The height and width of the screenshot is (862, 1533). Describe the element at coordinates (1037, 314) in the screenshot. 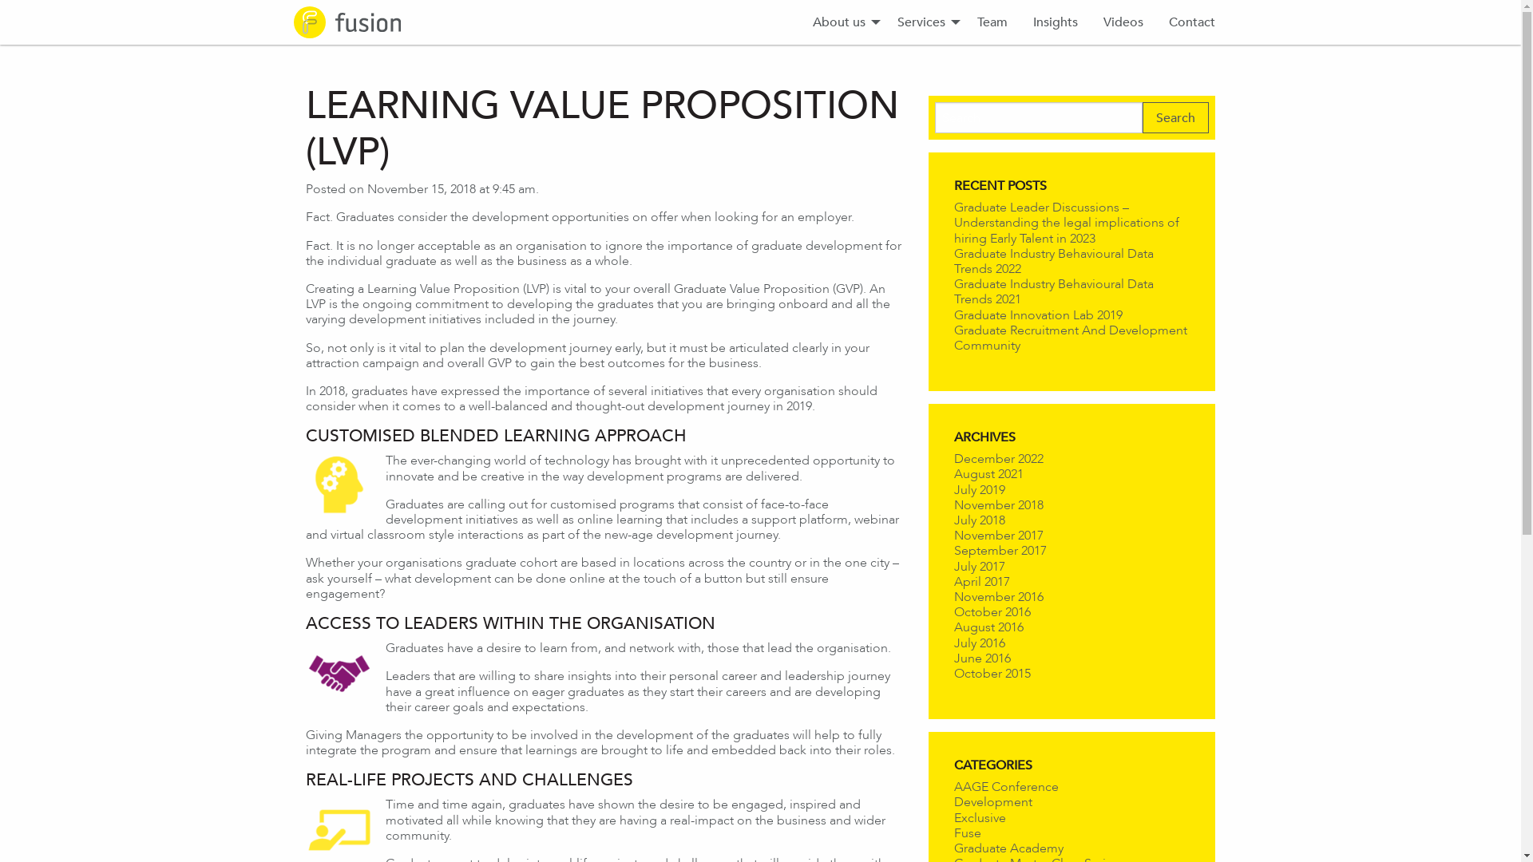

I see `'Graduate Innovation Lab 2019'` at that location.